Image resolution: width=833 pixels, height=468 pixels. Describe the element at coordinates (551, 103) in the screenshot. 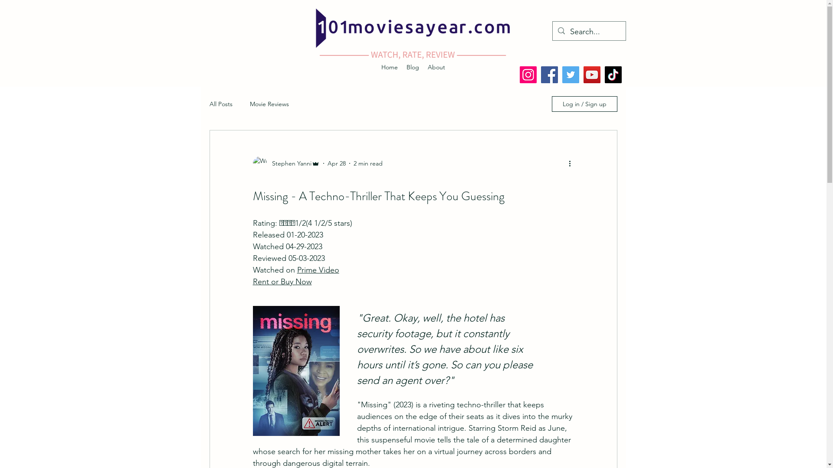

I see `'Log in / Sign up'` at that location.